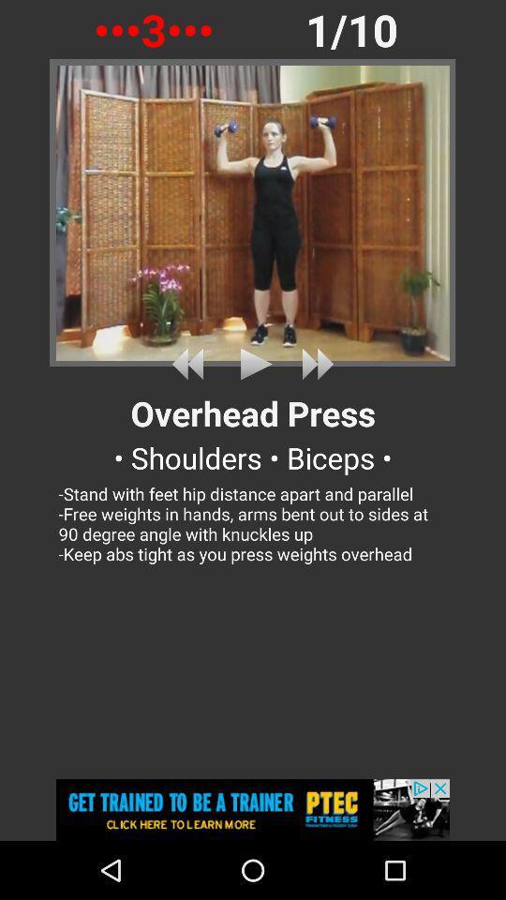 This screenshot has width=506, height=900. Describe the element at coordinates (253, 363) in the screenshot. I see `the video` at that location.